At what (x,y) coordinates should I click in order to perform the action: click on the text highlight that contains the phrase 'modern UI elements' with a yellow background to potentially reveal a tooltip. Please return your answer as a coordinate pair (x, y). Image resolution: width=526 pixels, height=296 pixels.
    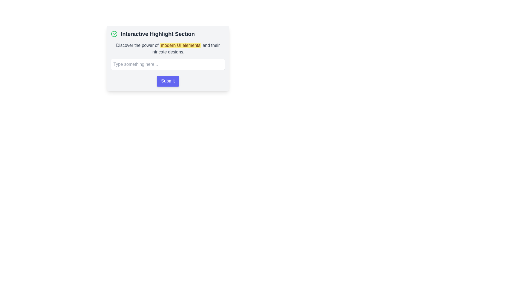
    Looking at the image, I should click on (181, 45).